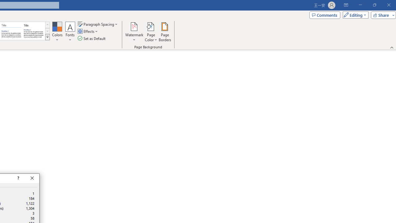 This screenshot has width=396, height=223. I want to click on 'Row up', so click(47, 24).